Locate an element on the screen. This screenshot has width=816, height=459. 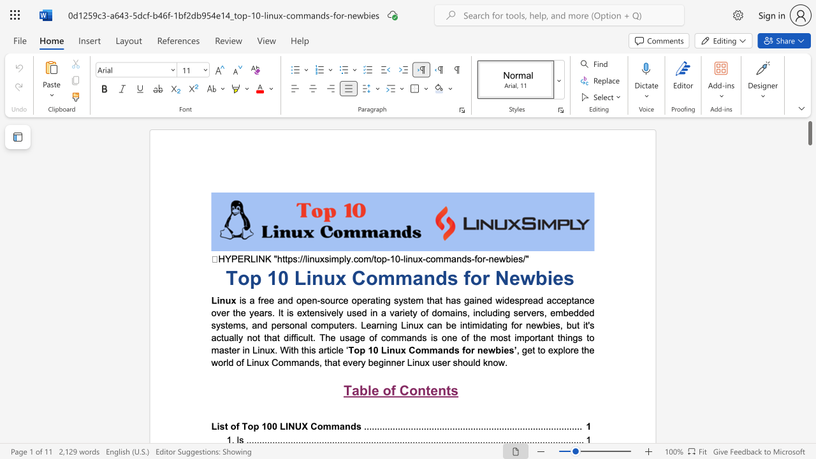
the subset text "er" within the text ", get to explore the world of Linux Commands, that every beginner Linux user should know." is located at coordinates (395, 362).